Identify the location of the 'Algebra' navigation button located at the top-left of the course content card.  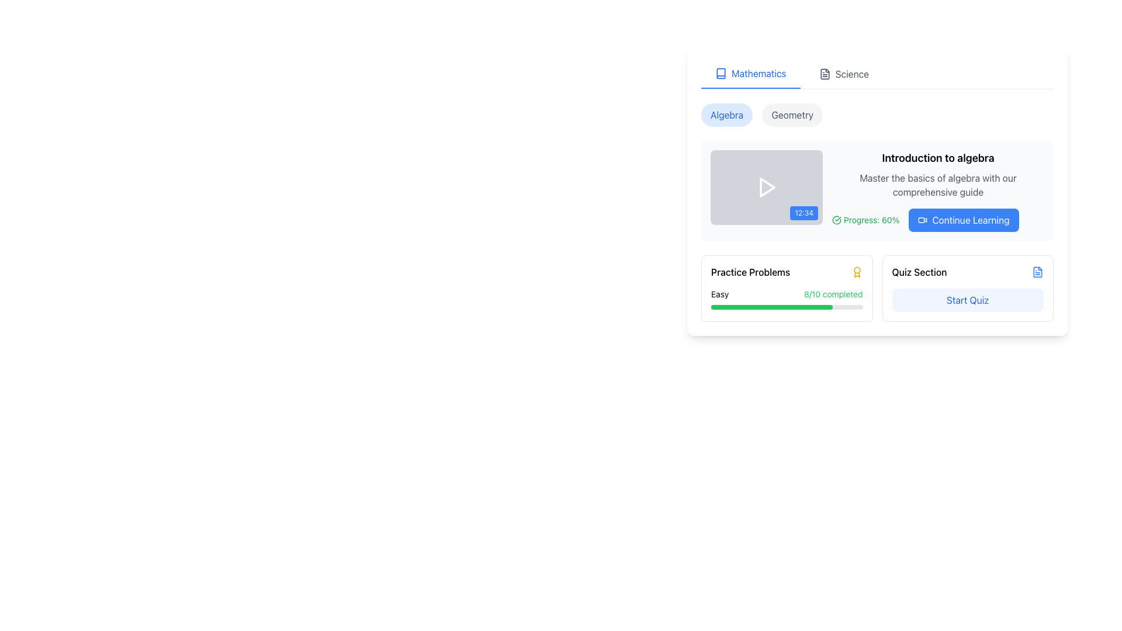
(726, 115).